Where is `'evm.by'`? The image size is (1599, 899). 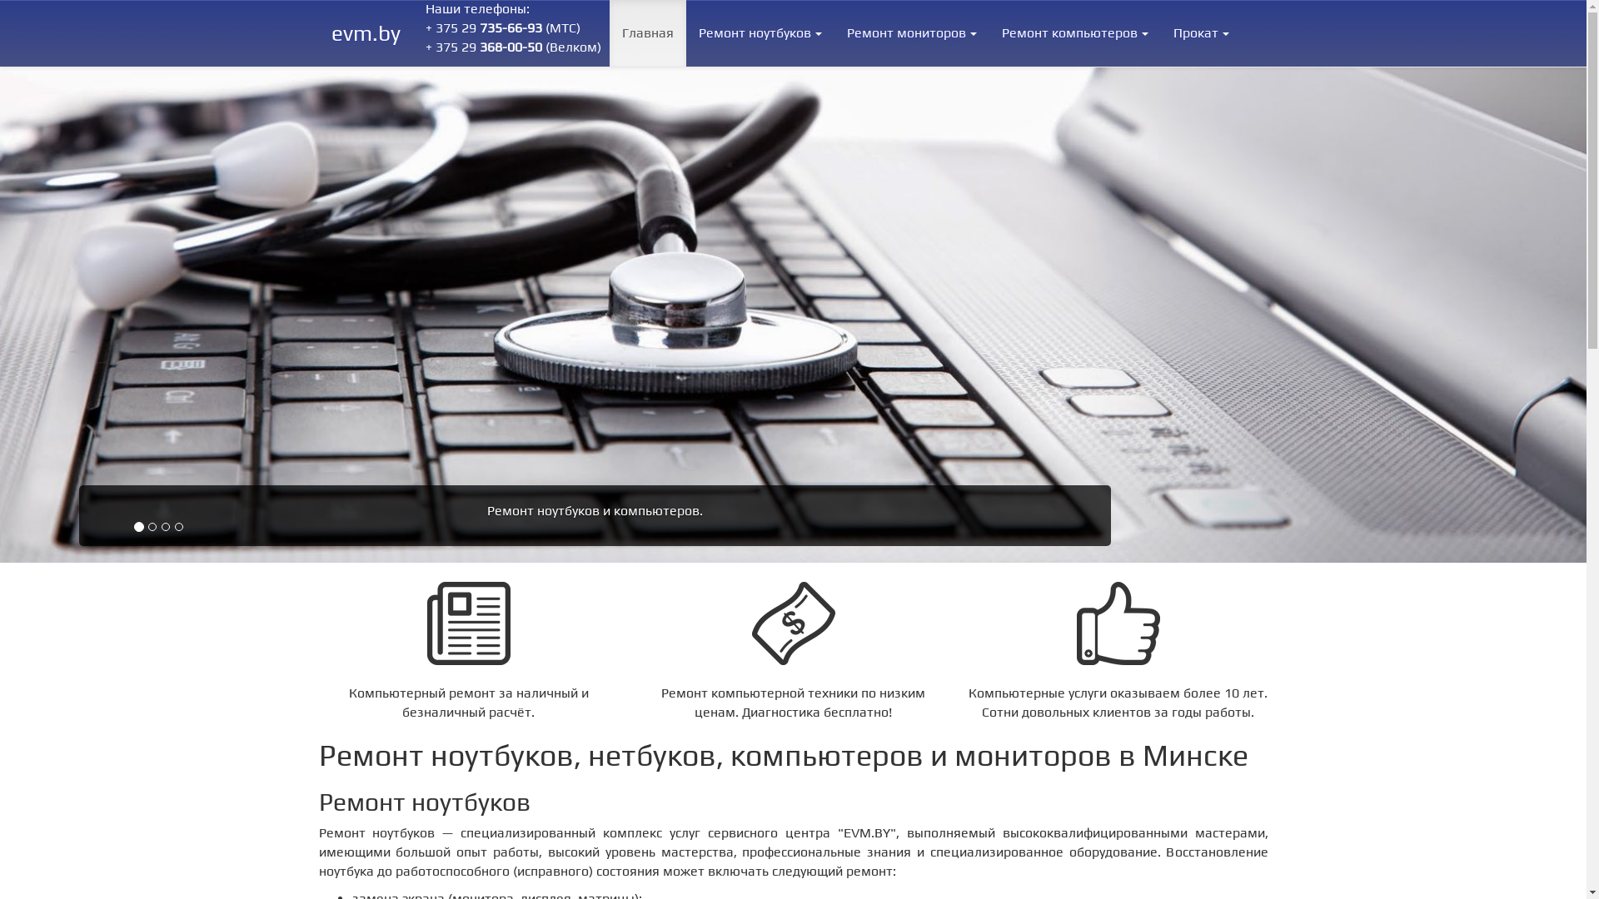 'evm.by' is located at coordinates (365, 32).